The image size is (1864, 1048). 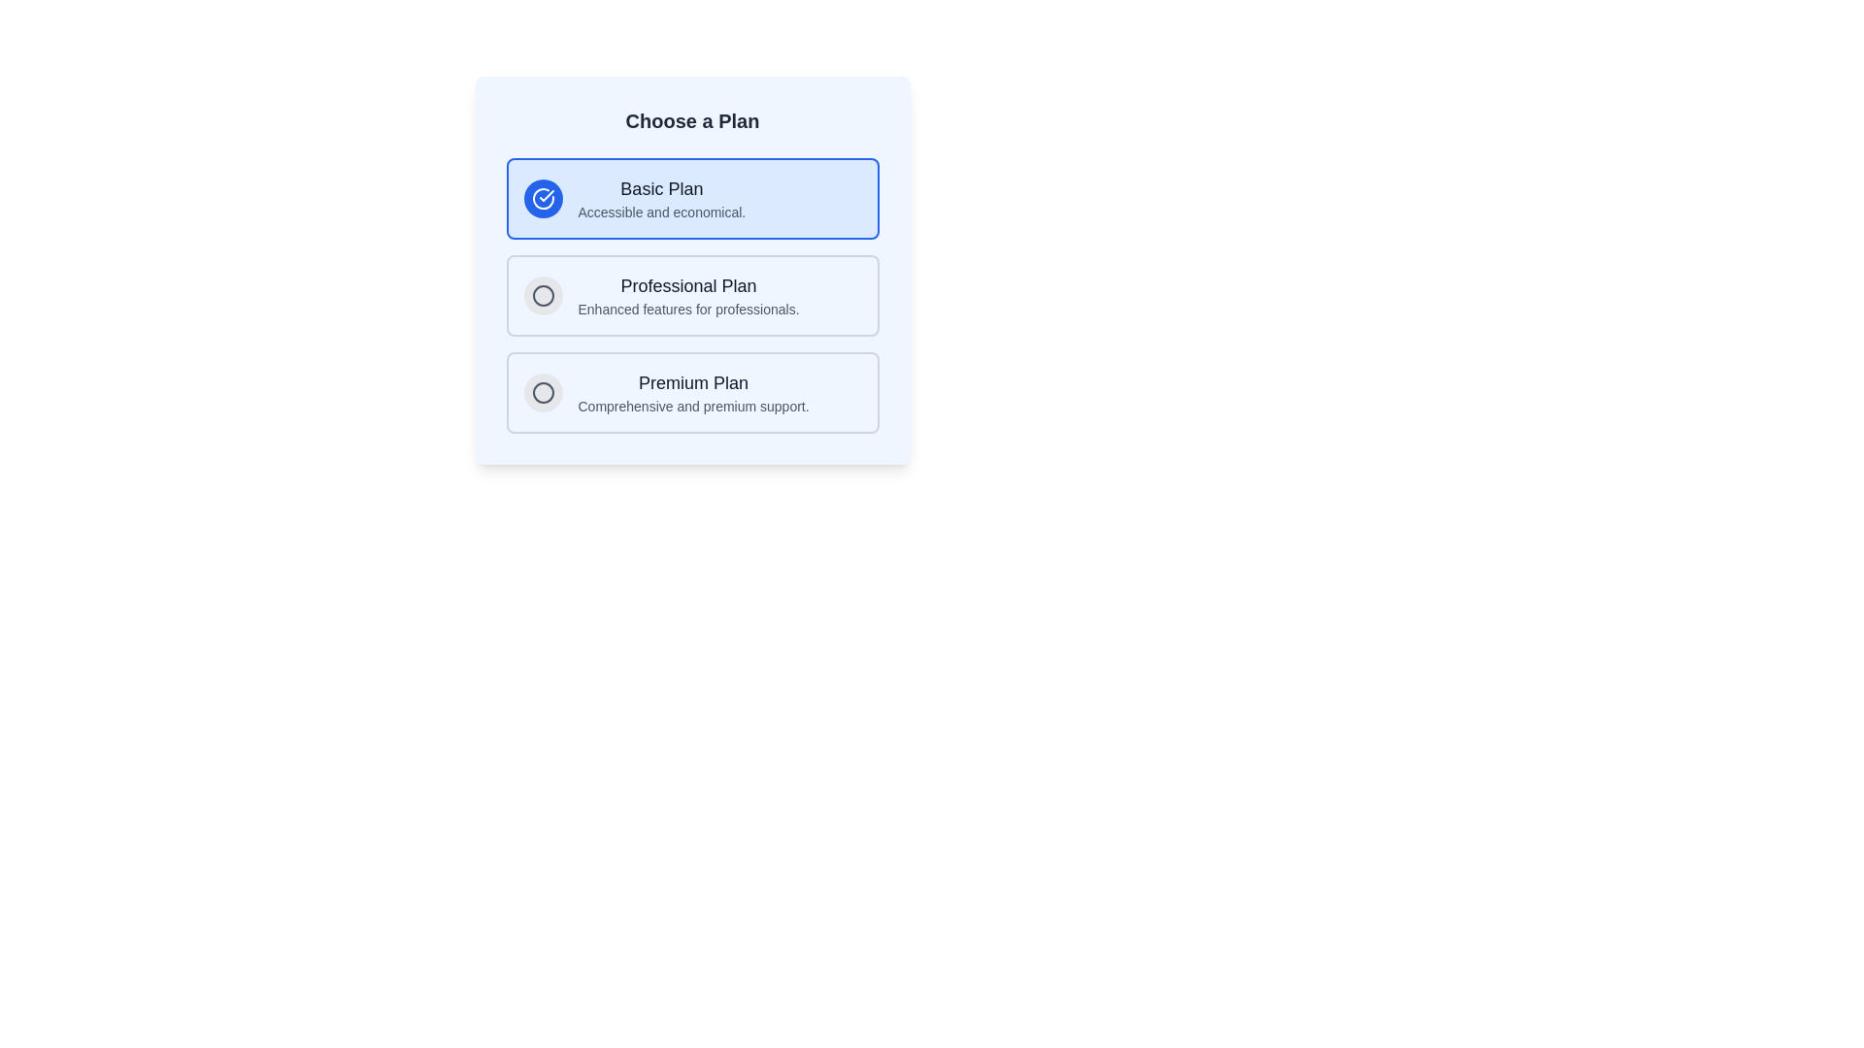 I want to click on the selection confirmation icon for the 'Basic Plan' card, located at the top-left corner next to the text 'Basic Plan Accessible and economical.', so click(x=543, y=198).